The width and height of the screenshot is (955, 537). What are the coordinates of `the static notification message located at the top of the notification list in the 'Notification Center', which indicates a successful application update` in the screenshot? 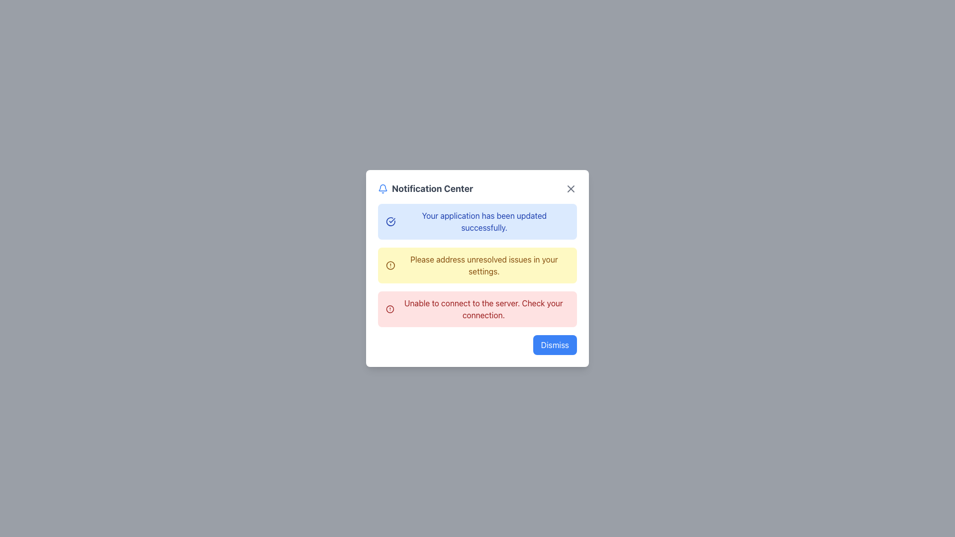 It's located at (477, 221).